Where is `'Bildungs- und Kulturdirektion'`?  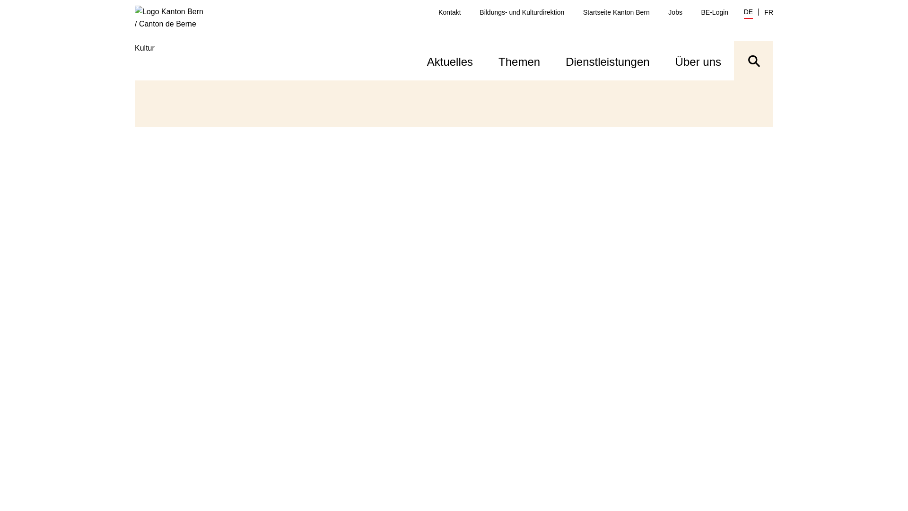 'Bildungs- und Kulturdirektion' is located at coordinates (521, 12).